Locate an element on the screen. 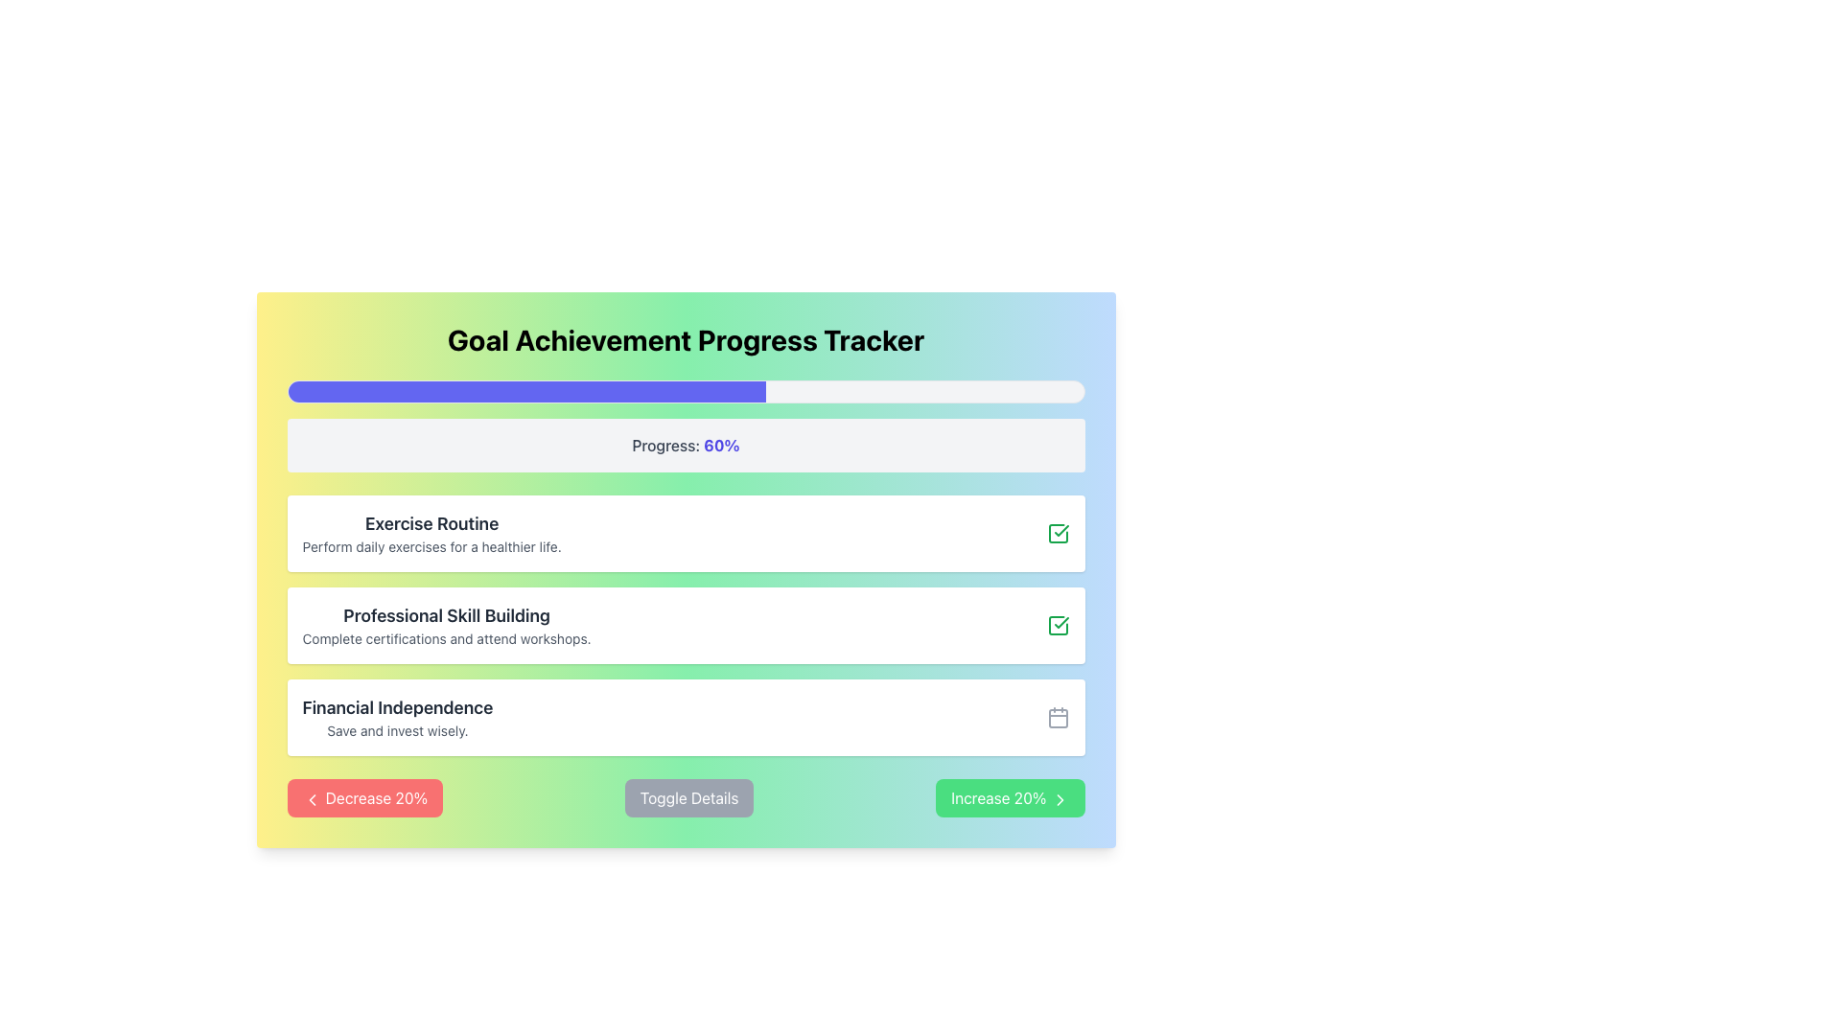 The height and width of the screenshot is (1035, 1841). the text display showing 'Progress: 60%' that is located below the progress bar in the progress tracker interface is located at coordinates (686, 446).